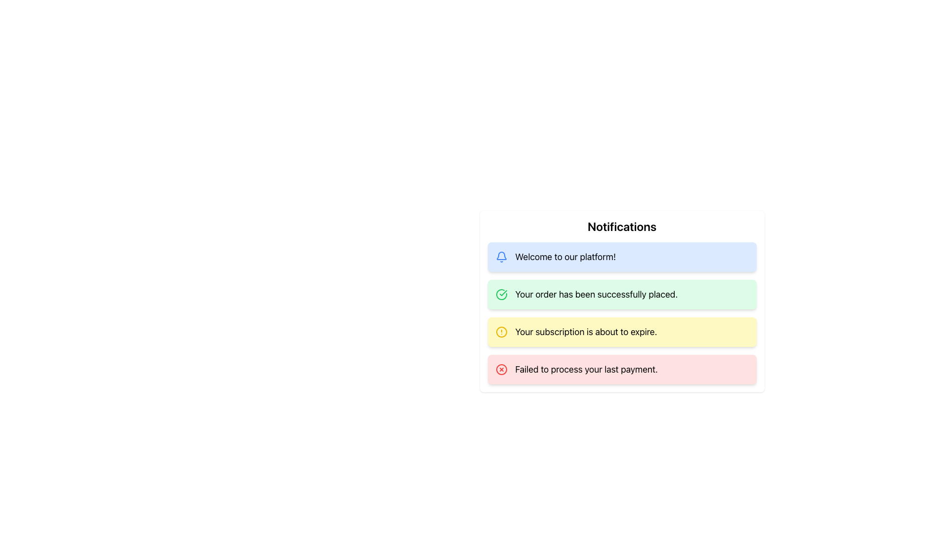 This screenshot has height=533, width=949. What do you see at coordinates (621, 294) in the screenshot?
I see `the Informational Notification with a green background that contains the text 'Your order has been successfully placed.' and a checkmark icon on the left` at bounding box center [621, 294].